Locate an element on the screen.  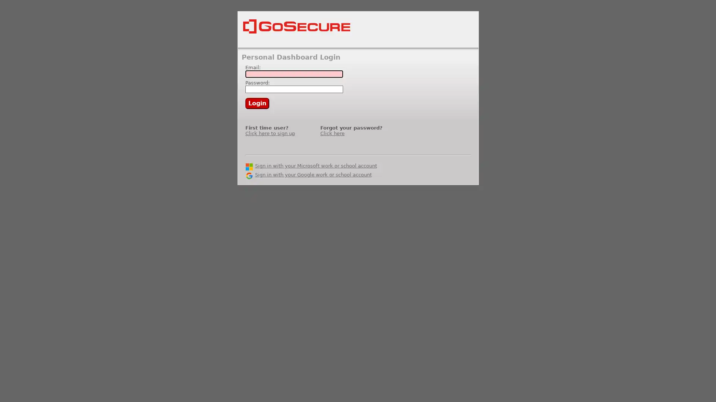
Login is located at coordinates (257, 103).